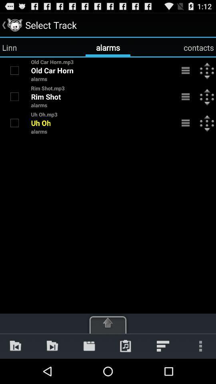 The height and width of the screenshot is (384, 216). Describe the element at coordinates (186, 96) in the screenshot. I see `options` at that location.